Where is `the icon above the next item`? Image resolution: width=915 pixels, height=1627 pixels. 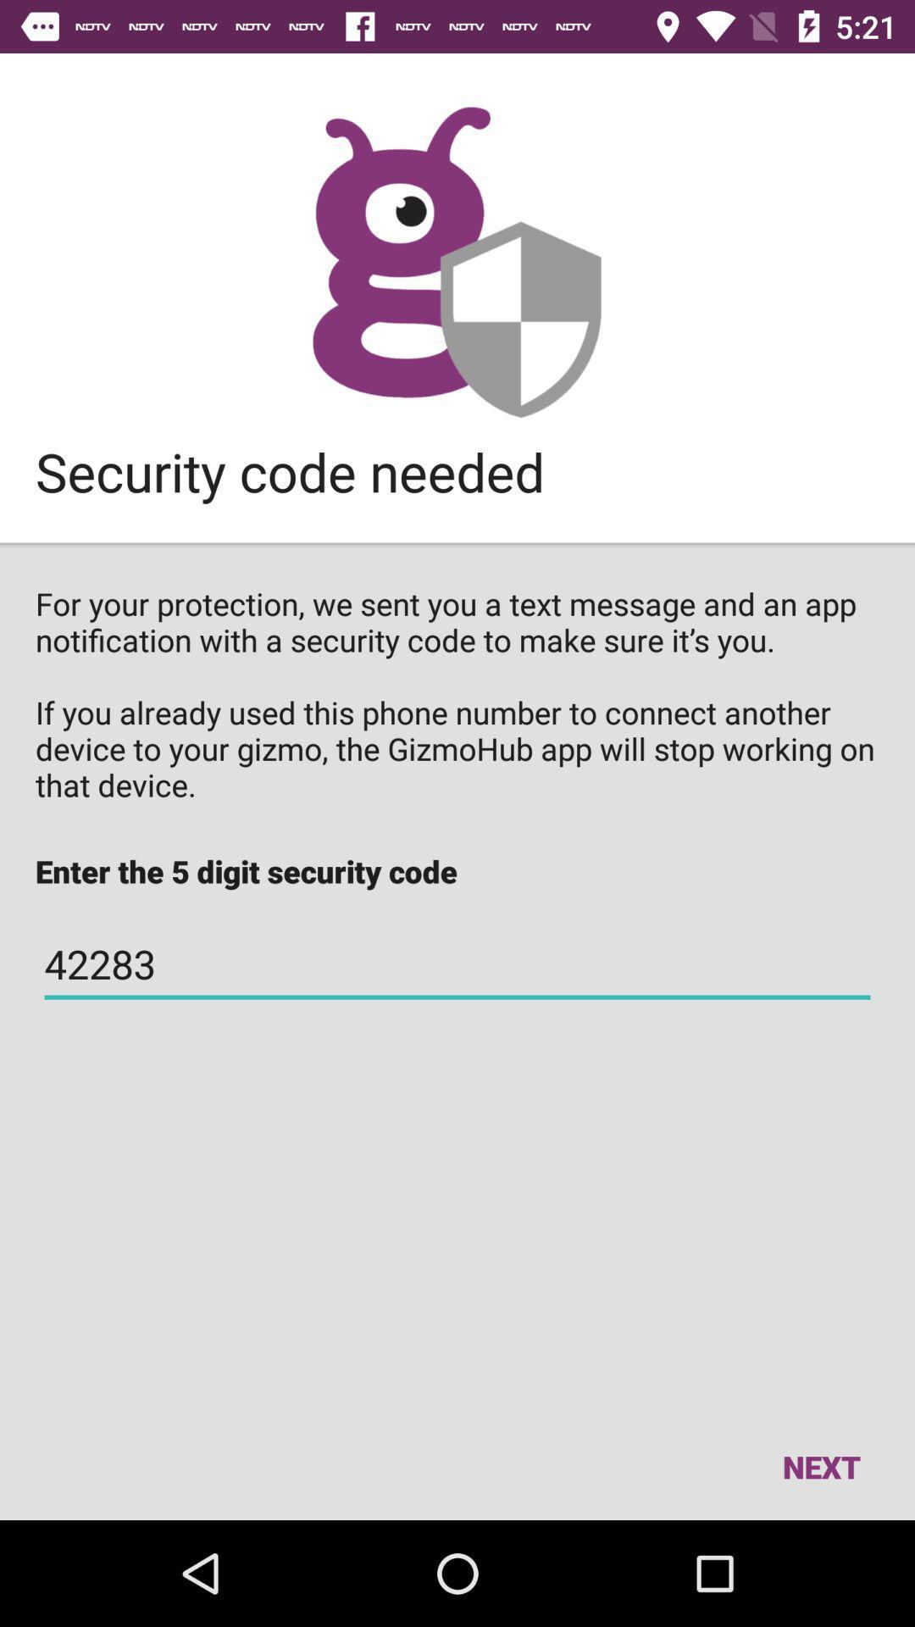 the icon above the next item is located at coordinates (457, 964).